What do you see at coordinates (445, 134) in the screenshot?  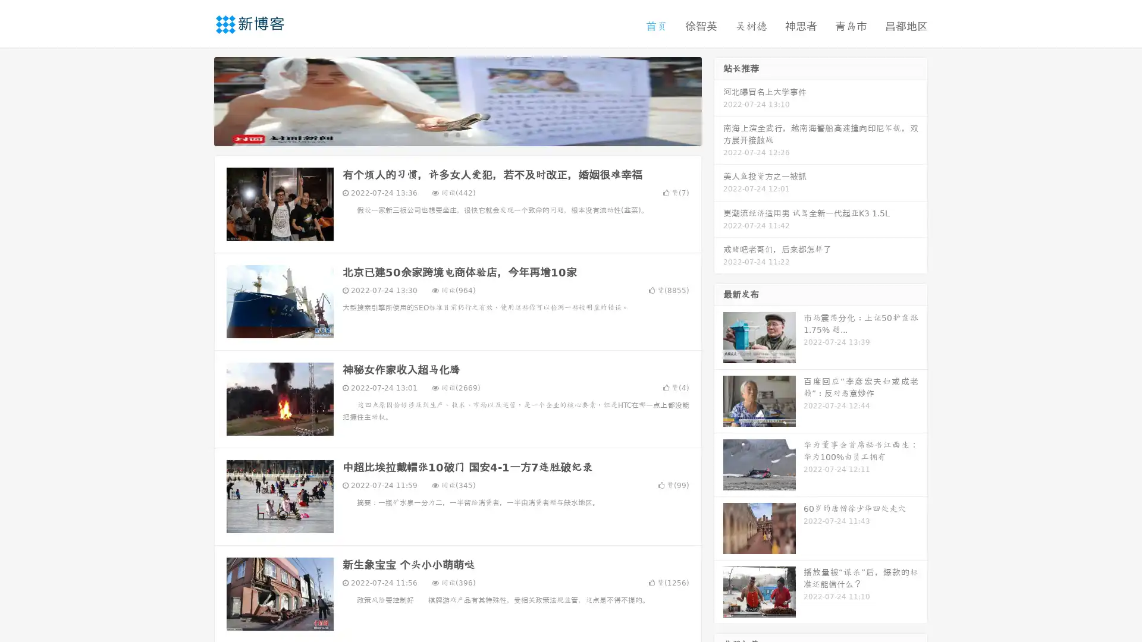 I see `Go to slide 1` at bounding box center [445, 134].